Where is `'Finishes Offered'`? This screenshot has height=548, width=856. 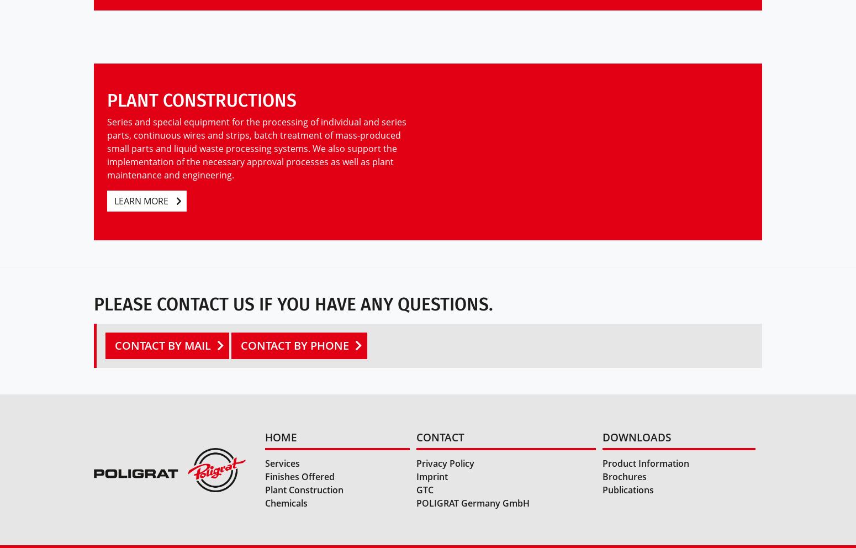
'Finishes Offered' is located at coordinates (299, 476).